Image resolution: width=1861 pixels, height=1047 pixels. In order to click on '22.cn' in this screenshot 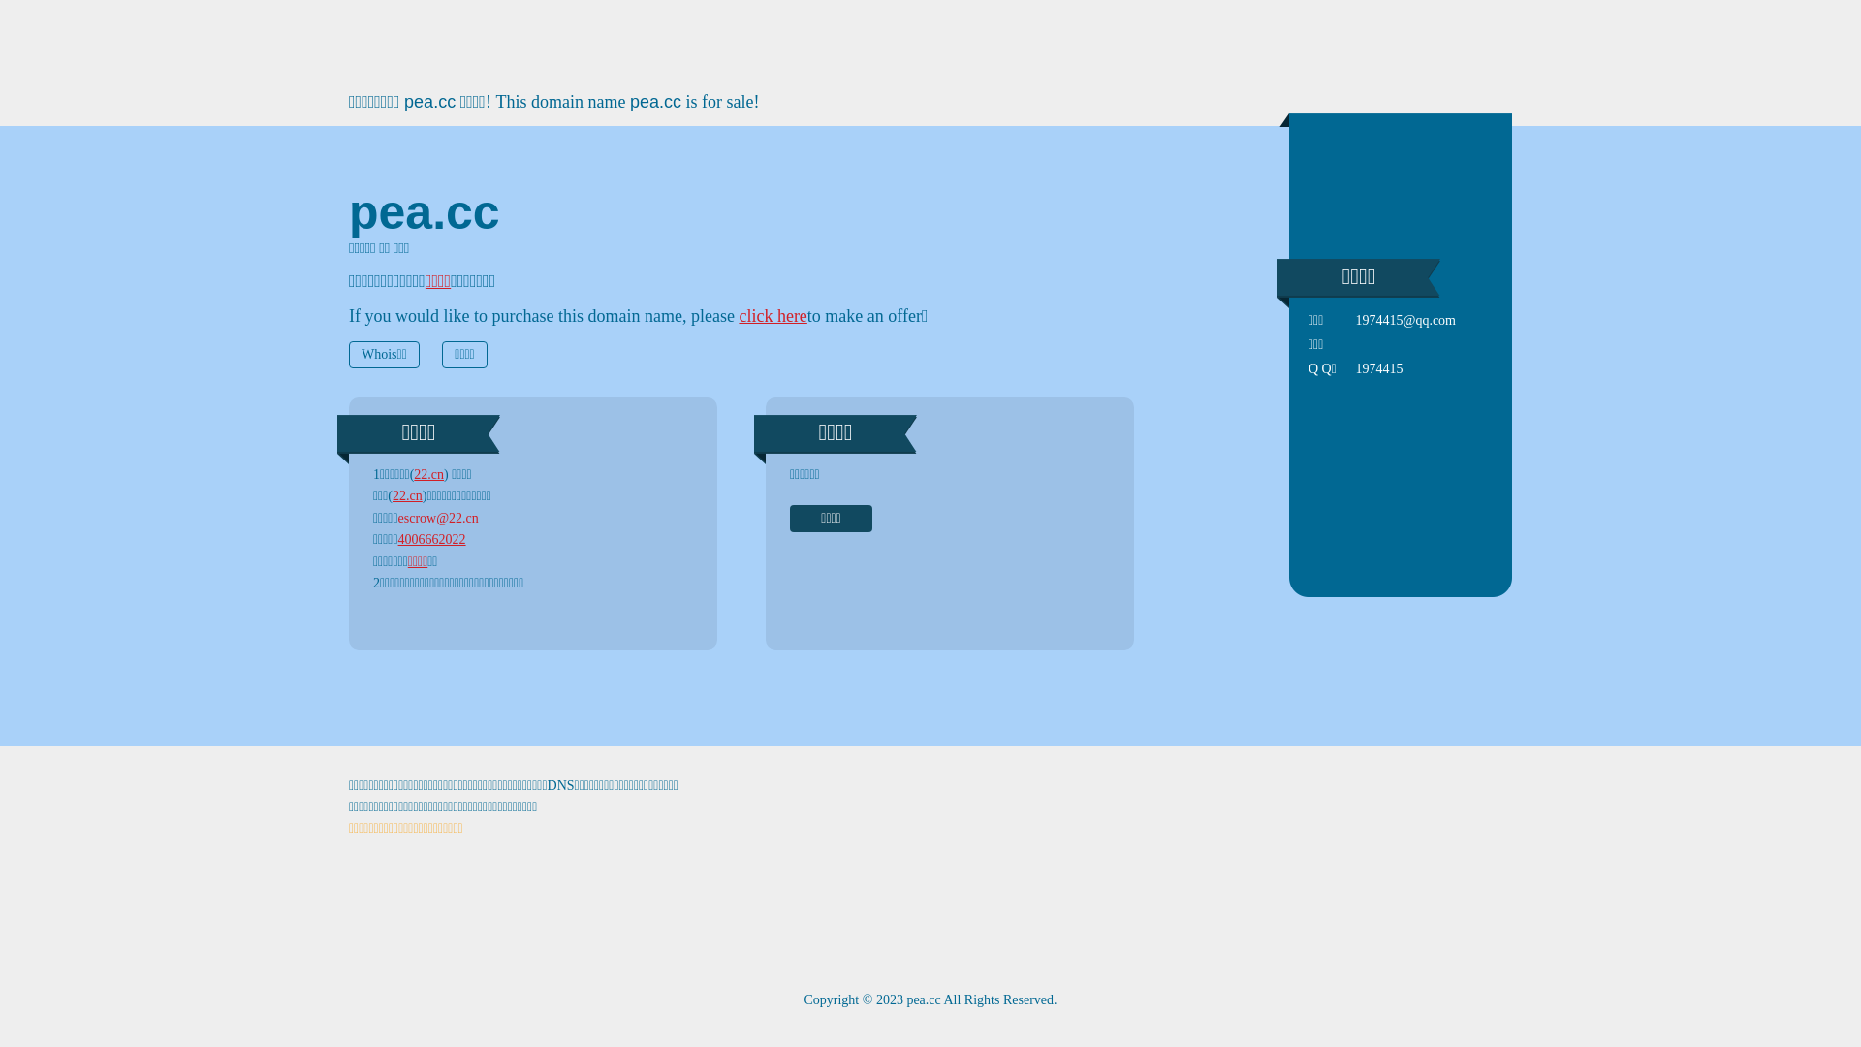, I will do `click(391, 494)`.